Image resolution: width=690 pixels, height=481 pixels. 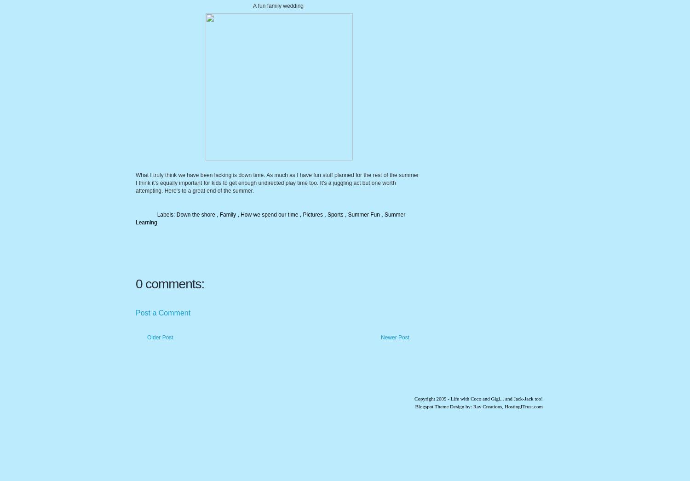 I want to click on 'Family', so click(x=228, y=214).